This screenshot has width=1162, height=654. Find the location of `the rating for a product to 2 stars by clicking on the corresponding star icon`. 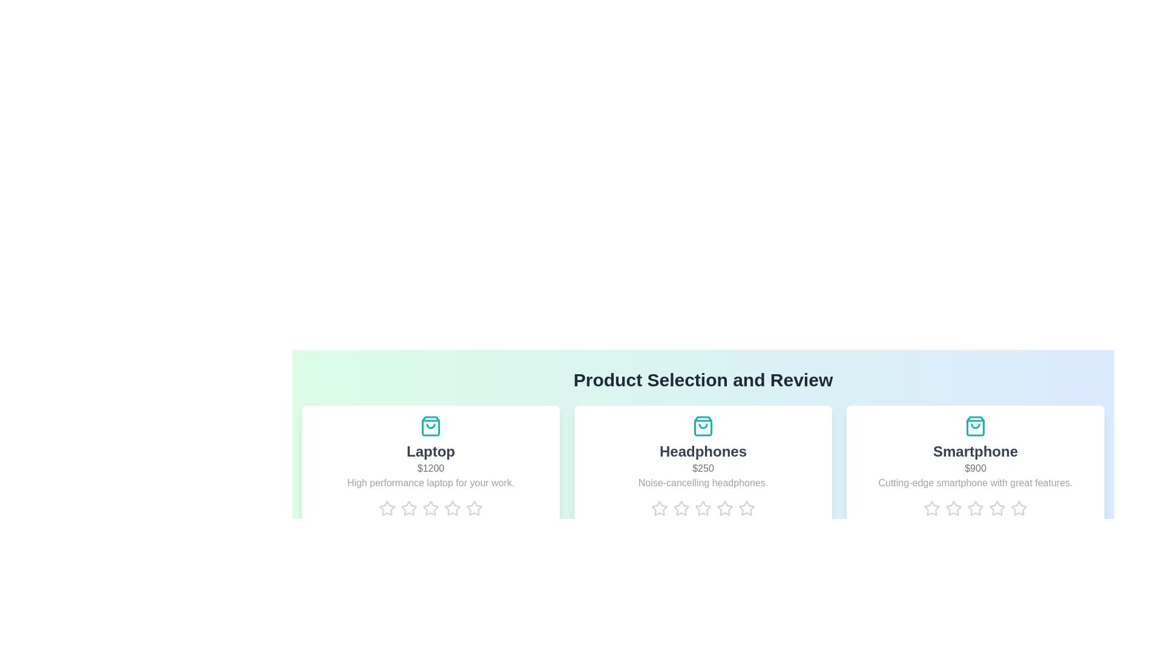

the rating for a product to 2 stars by clicking on the corresponding star icon is located at coordinates (409, 509).